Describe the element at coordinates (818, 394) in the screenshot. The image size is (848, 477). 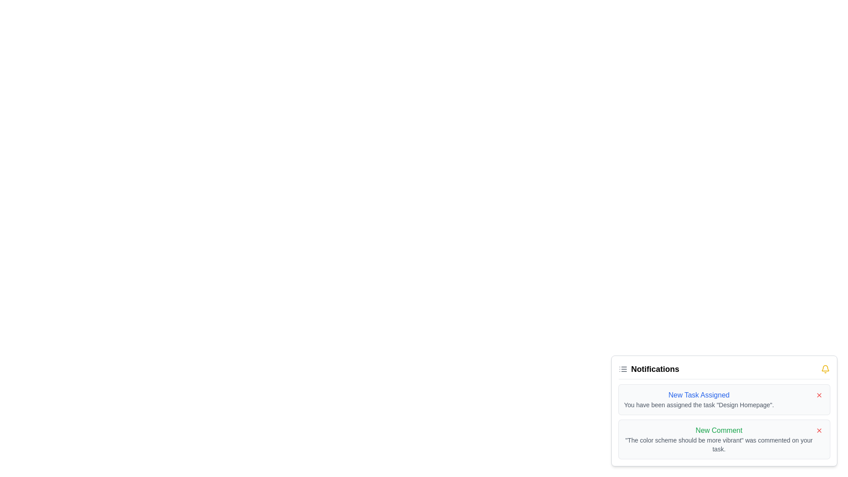
I see `the dismiss button located at the top-right corner of the notification panel for the 'New Task Assigned' task` at that location.